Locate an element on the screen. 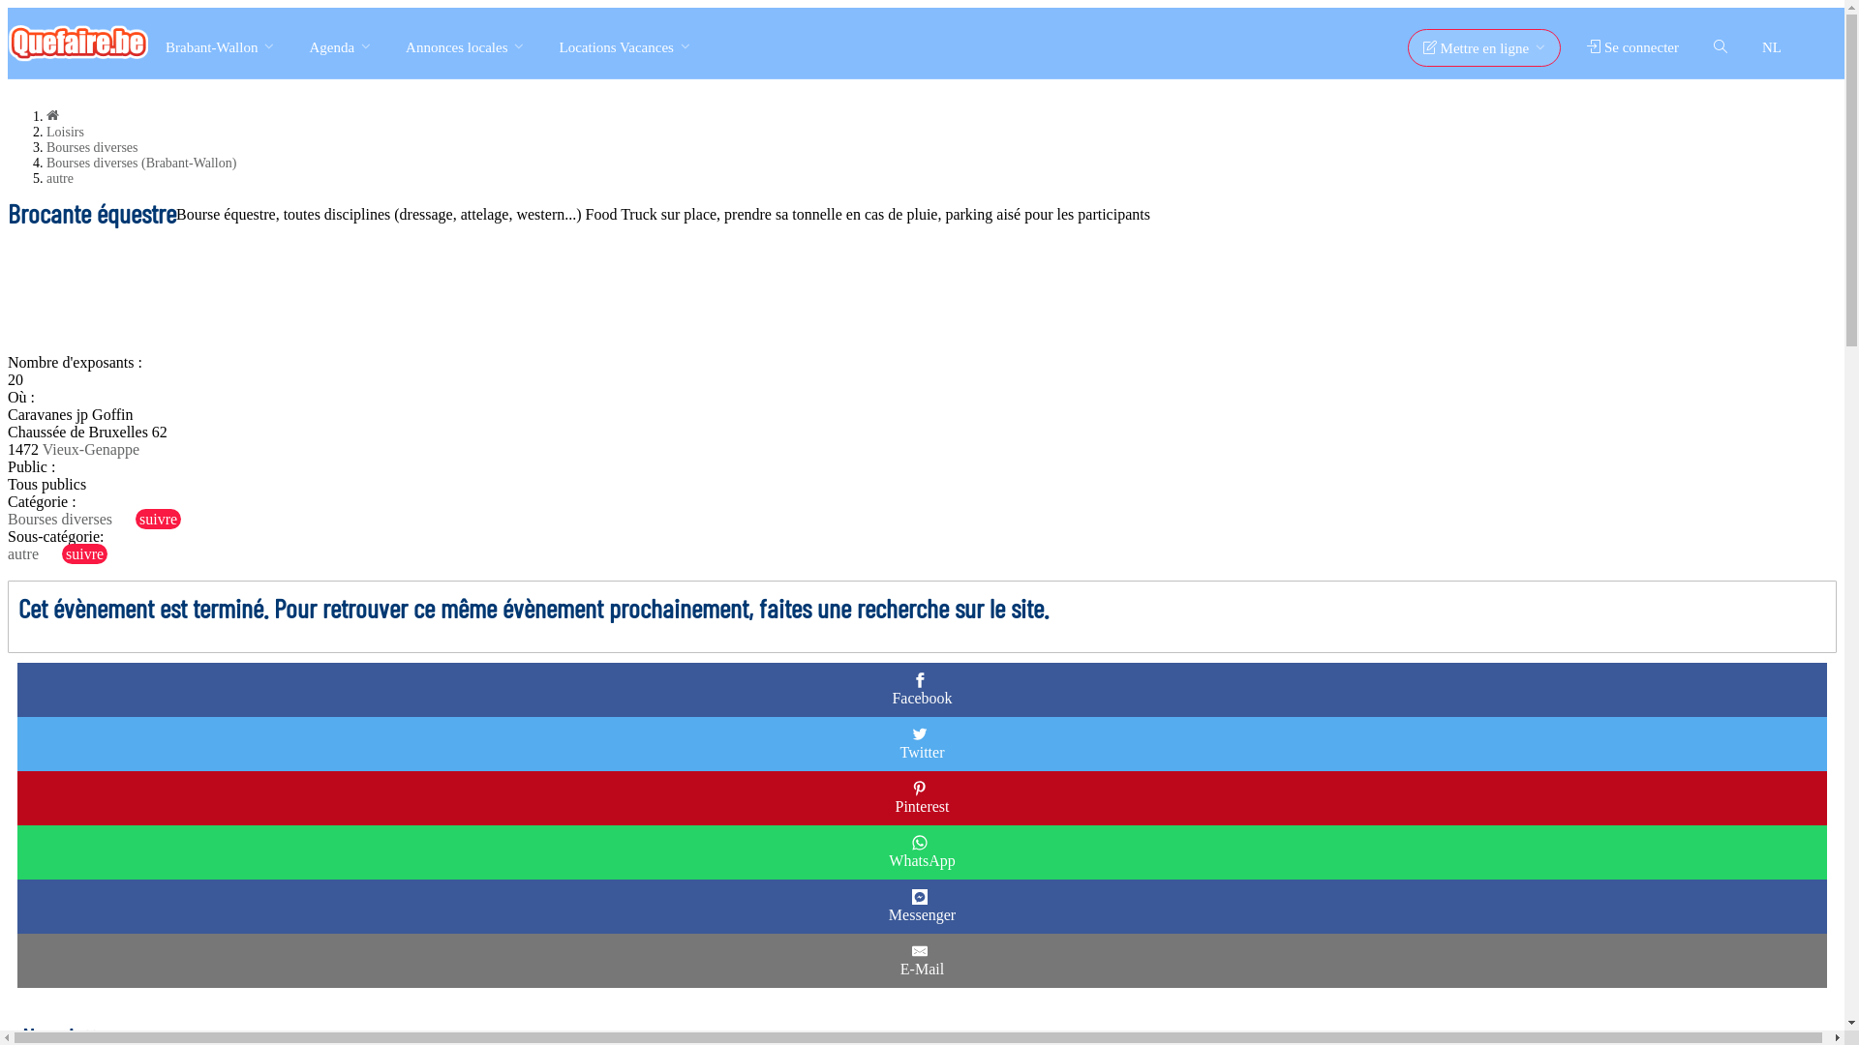 The image size is (1859, 1045). 'suivre' is located at coordinates (134, 518).